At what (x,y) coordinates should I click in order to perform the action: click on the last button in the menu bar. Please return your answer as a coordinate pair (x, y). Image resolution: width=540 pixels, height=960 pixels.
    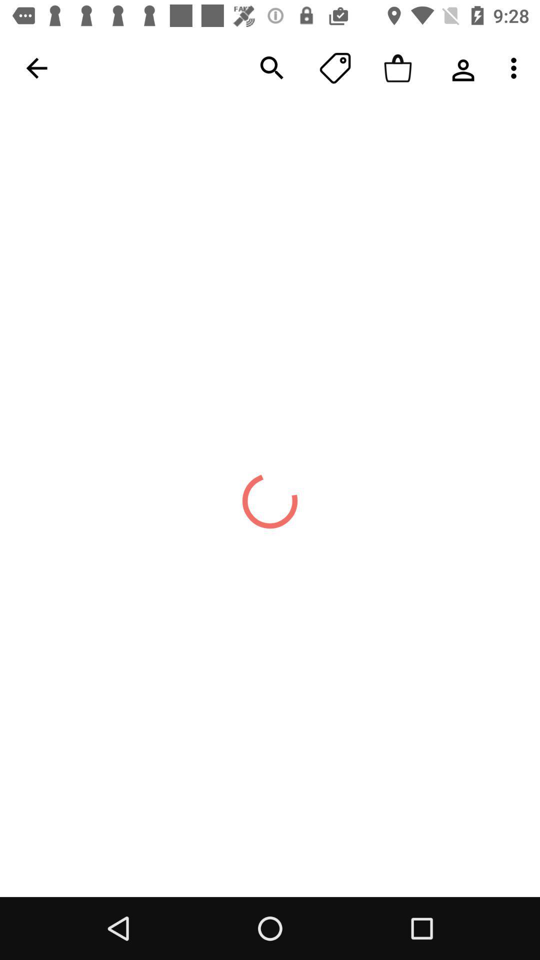
    Looking at the image, I should click on (516, 68).